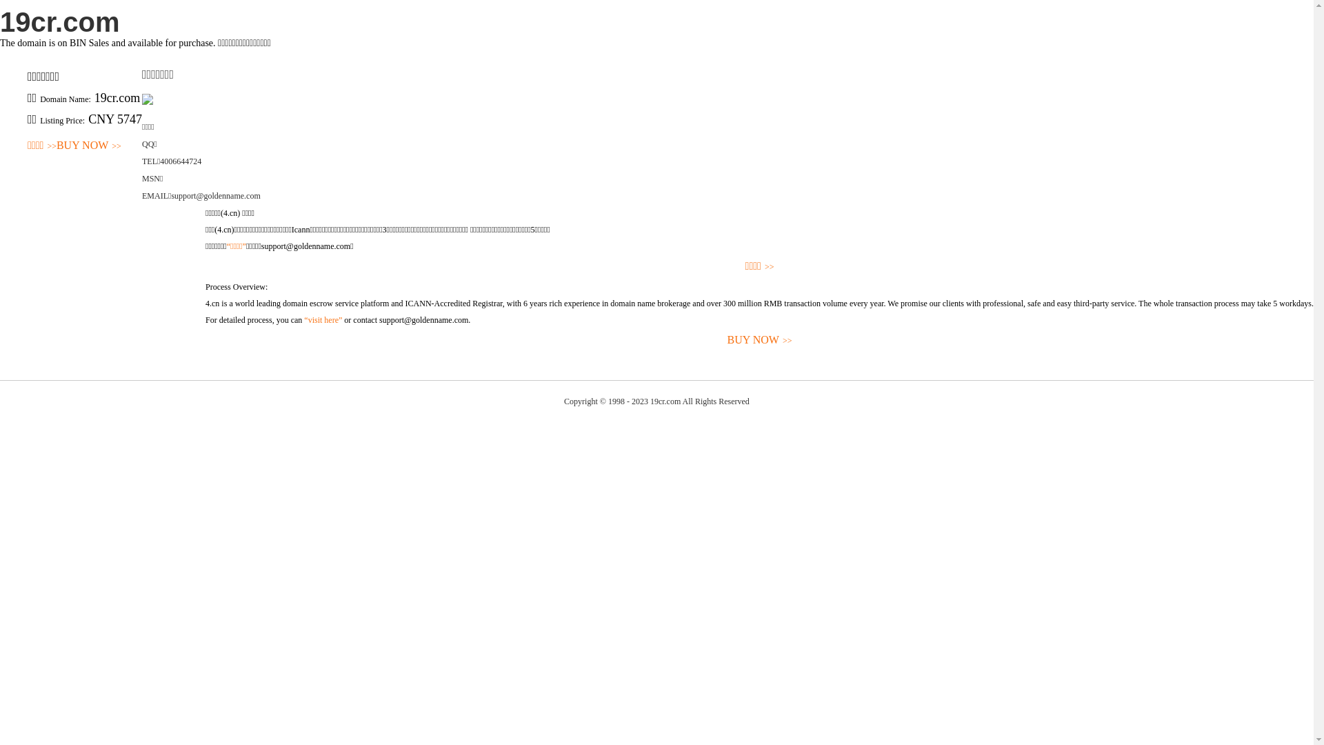 The image size is (1324, 745). What do you see at coordinates (55, 146) in the screenshot?
I see `'BUY NOW>>'` at bounding box center [55, 146].